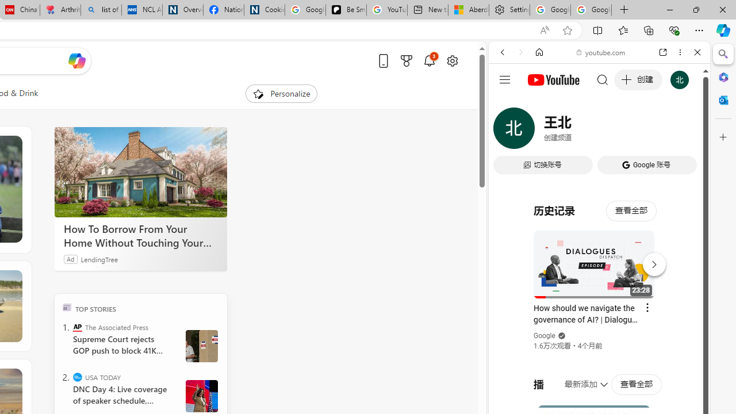 This screenshot has height=414, width=736. What do you see at coordinates (663, 52) in the screenshot?
I see `'Open link in new tab'` at bounding box center [663, 52].